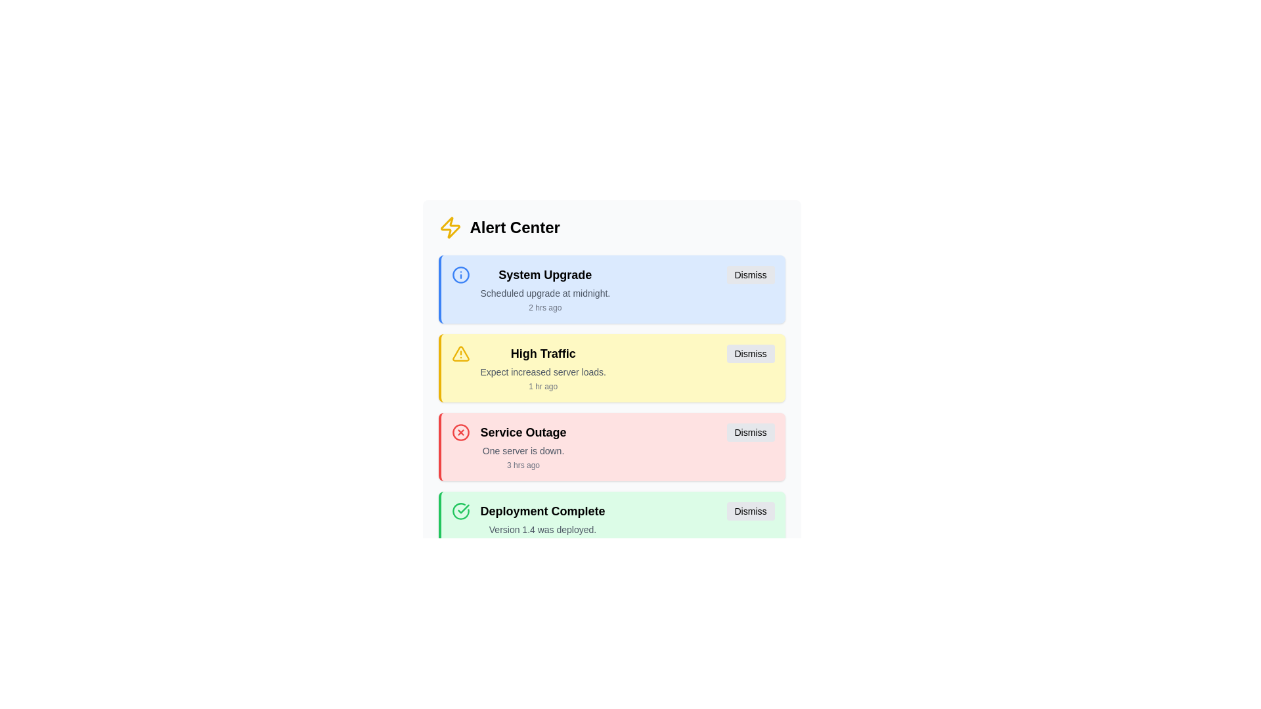  I want to click on the 'System Upgrade' text label, which is the main title of the blue alert card at the top of the alert list, so click(545, 274).